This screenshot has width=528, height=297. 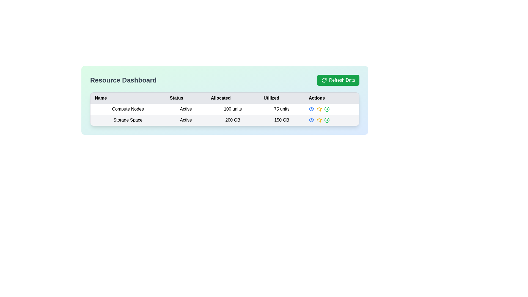 I want to click on the first row in the table displaying resource information, which includes 'Compute Nodes', 'Active', '100 units', '75 units', and action icons, so click(x=225, y=109).